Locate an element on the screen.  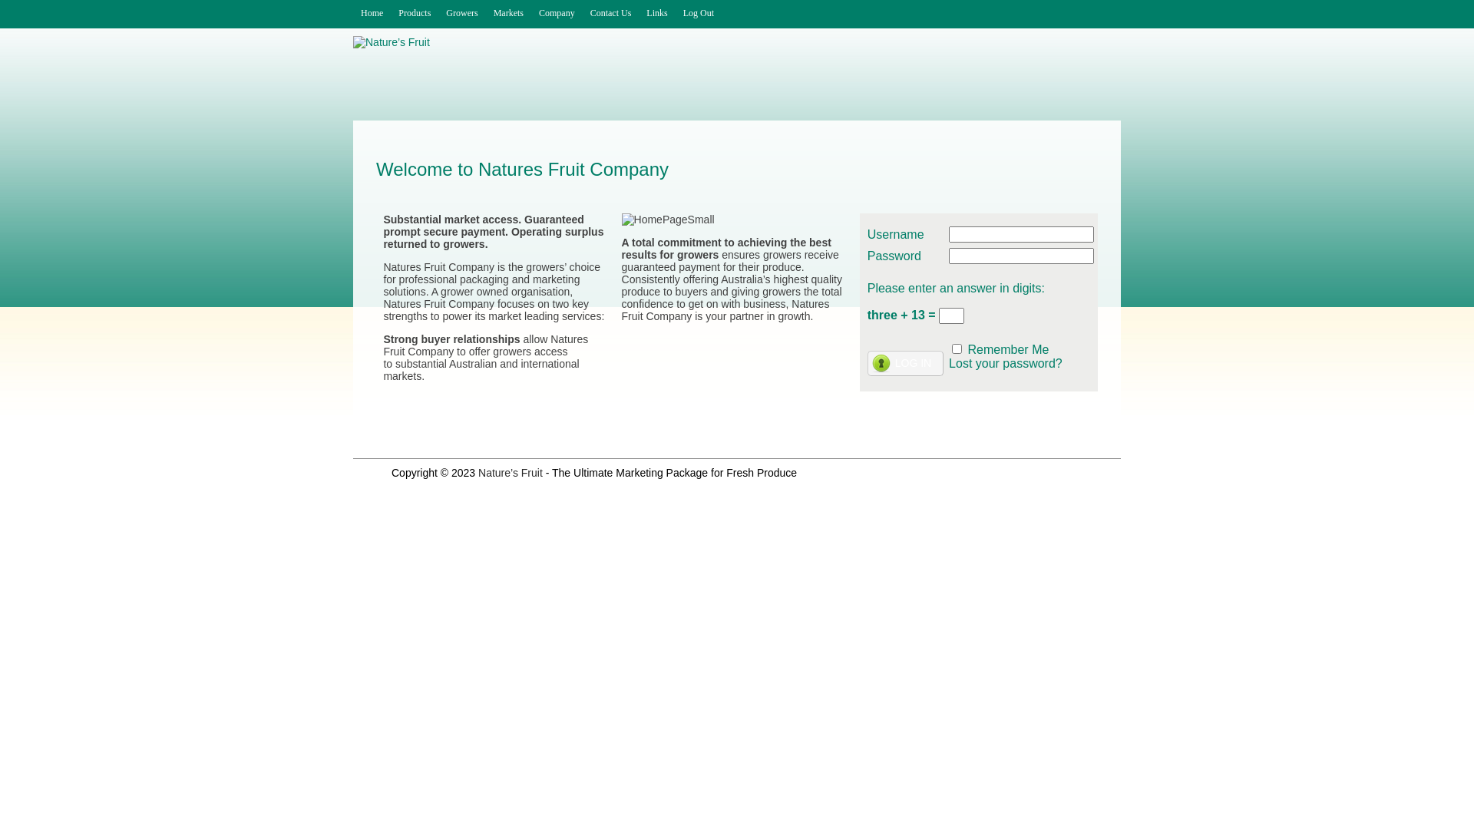
'Log In' is located at coordinates (905, 363).